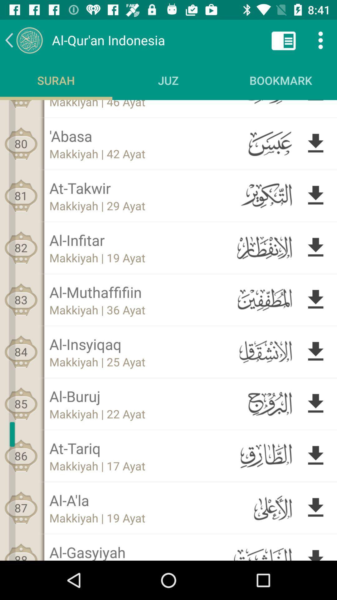  I want to click on the arrow_backward icon, so click(23, 40).